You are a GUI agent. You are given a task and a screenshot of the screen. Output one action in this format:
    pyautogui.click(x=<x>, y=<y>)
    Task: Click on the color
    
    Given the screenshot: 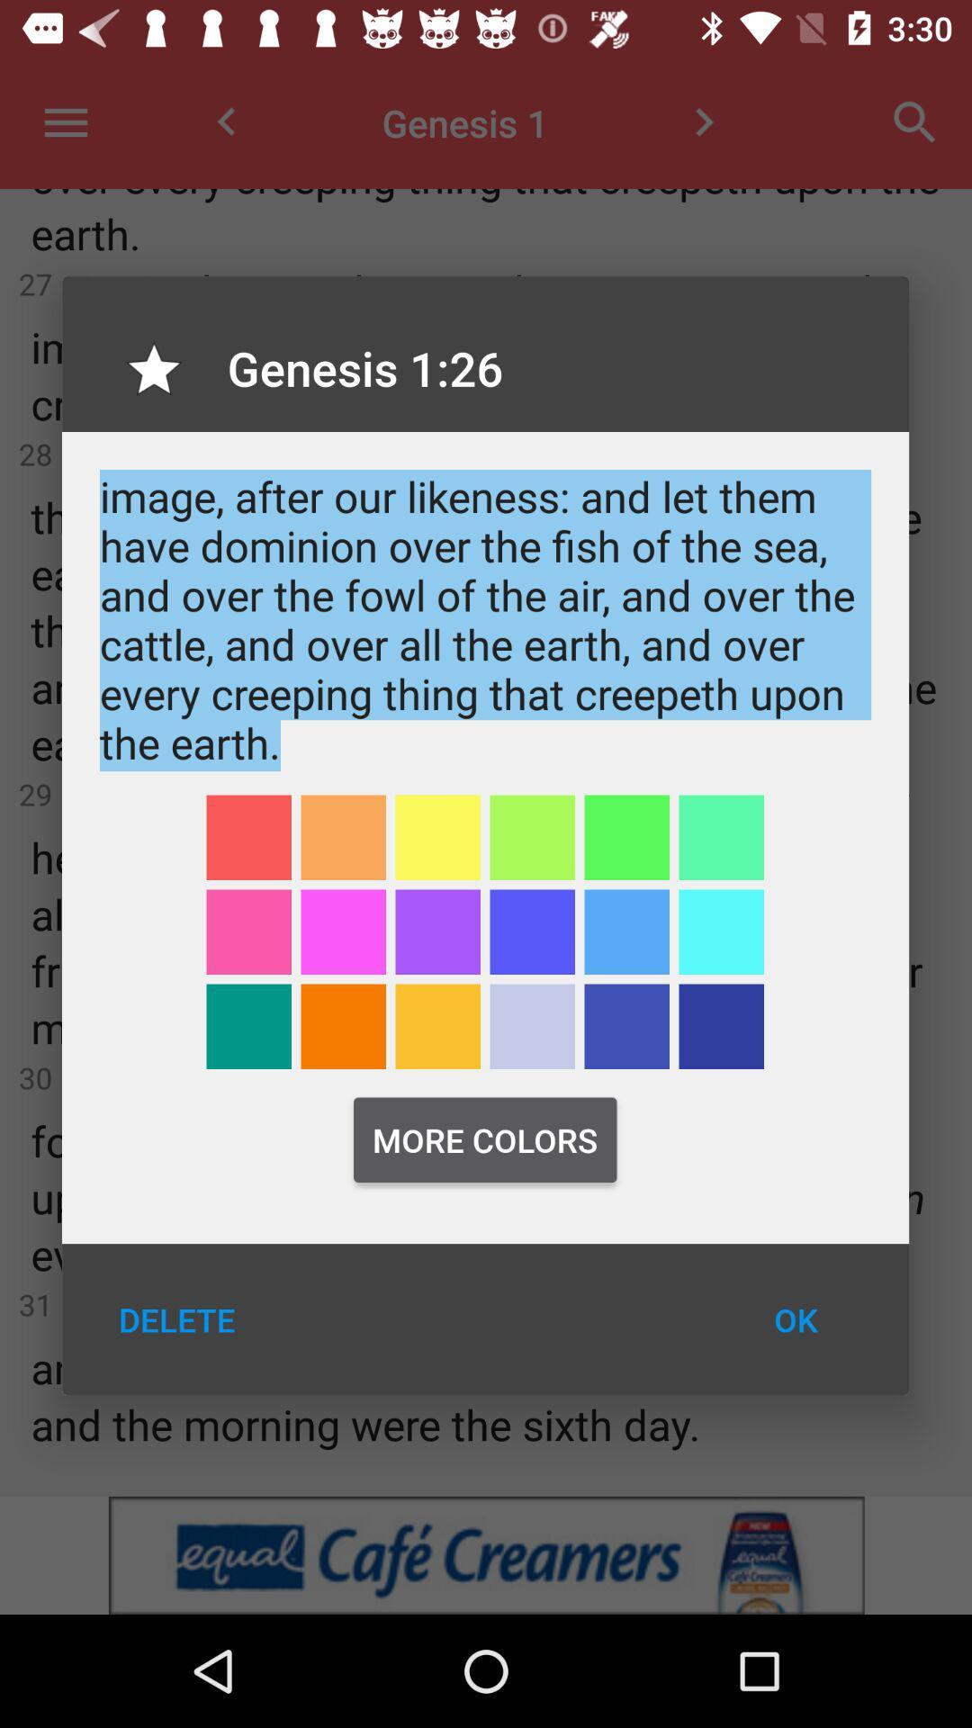 What is the action you would take?
    pyautogui.click(x=248, y=1026)
    